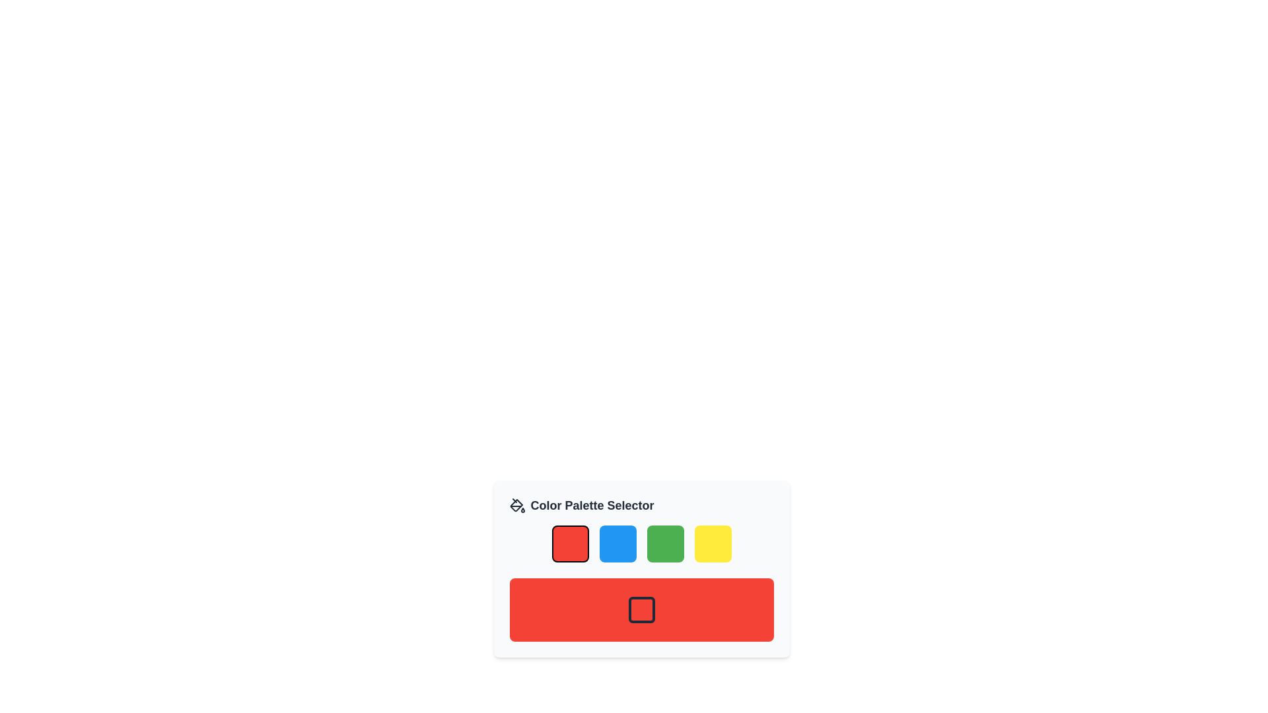 The width and height of the screenshot is (1268, 713). What do you see at coordinates (641, 610) in the screenshot?
I see `the rectangular red button with rounded corners located at the bottom of the 'Color Palette Selector' panel` at bounding box center [641, 610].